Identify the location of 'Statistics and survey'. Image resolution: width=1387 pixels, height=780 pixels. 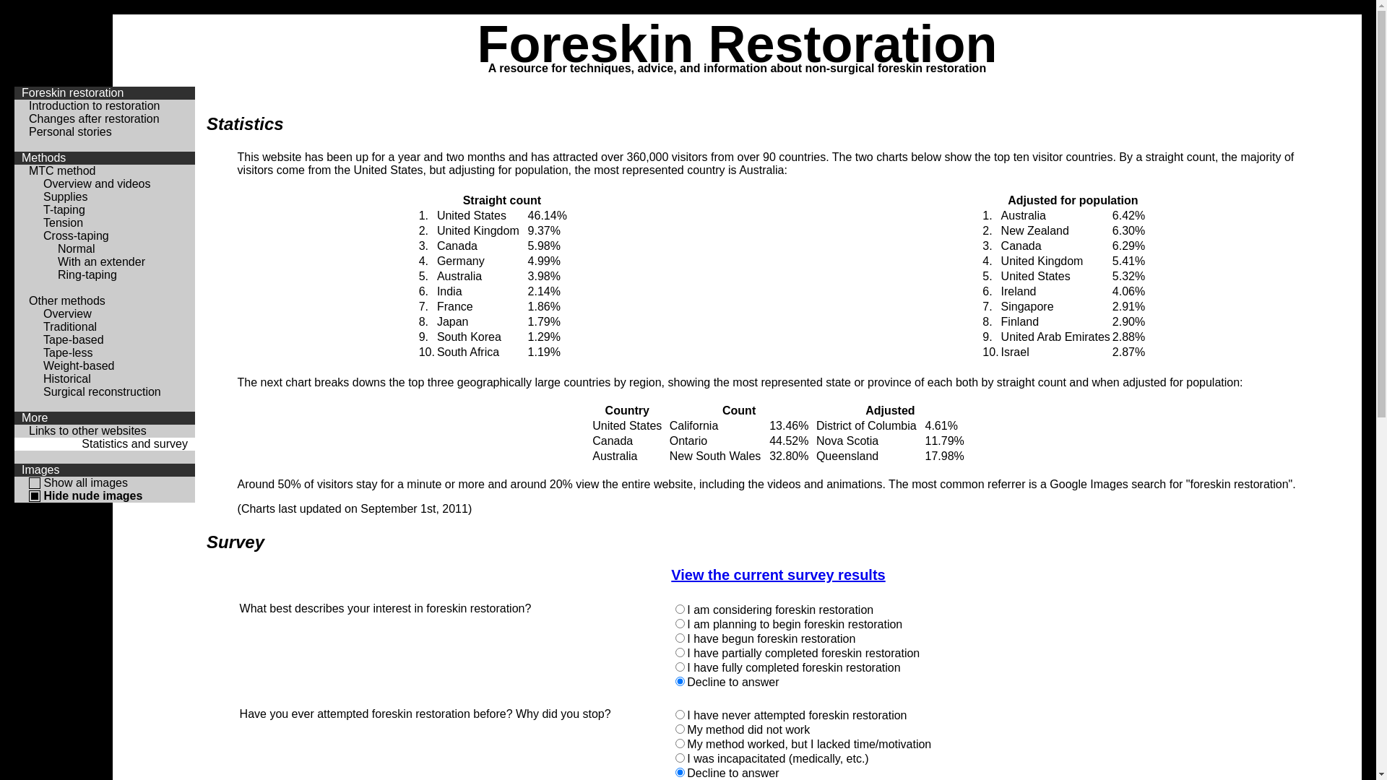
(134, 443).